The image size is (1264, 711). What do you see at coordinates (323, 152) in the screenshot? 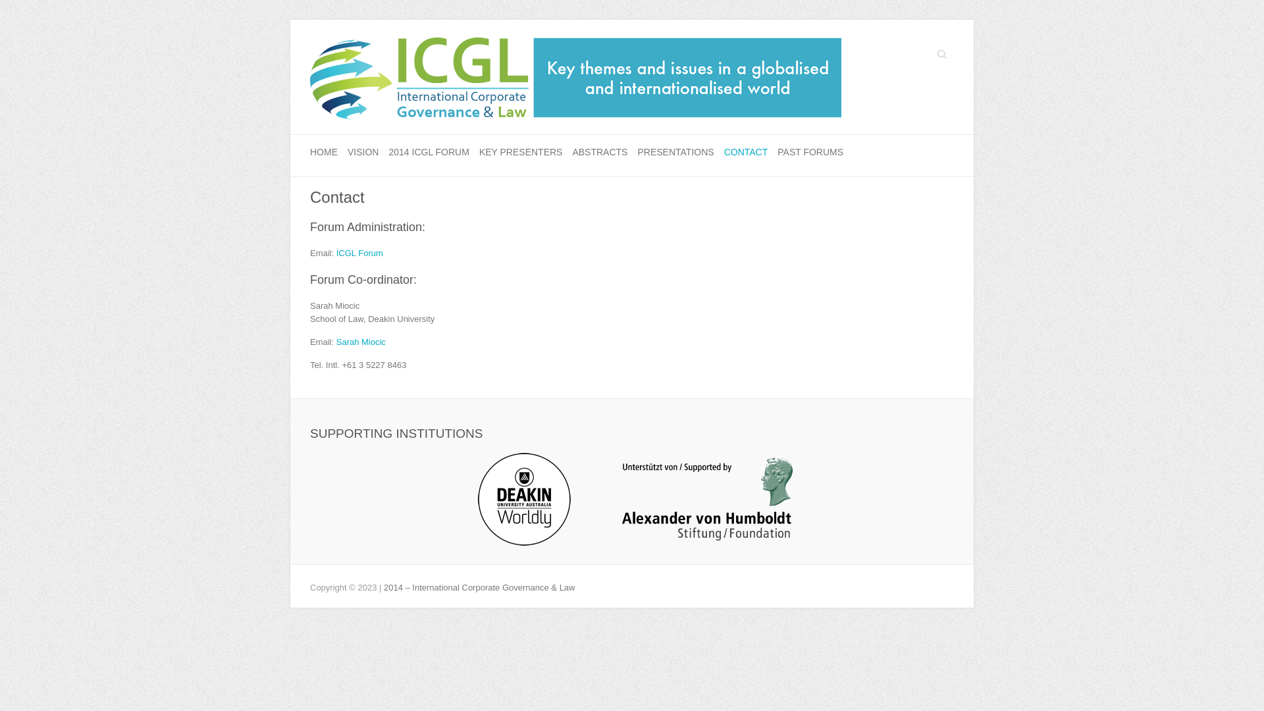
I see `'HOME'` at bounding box center [323, 152].